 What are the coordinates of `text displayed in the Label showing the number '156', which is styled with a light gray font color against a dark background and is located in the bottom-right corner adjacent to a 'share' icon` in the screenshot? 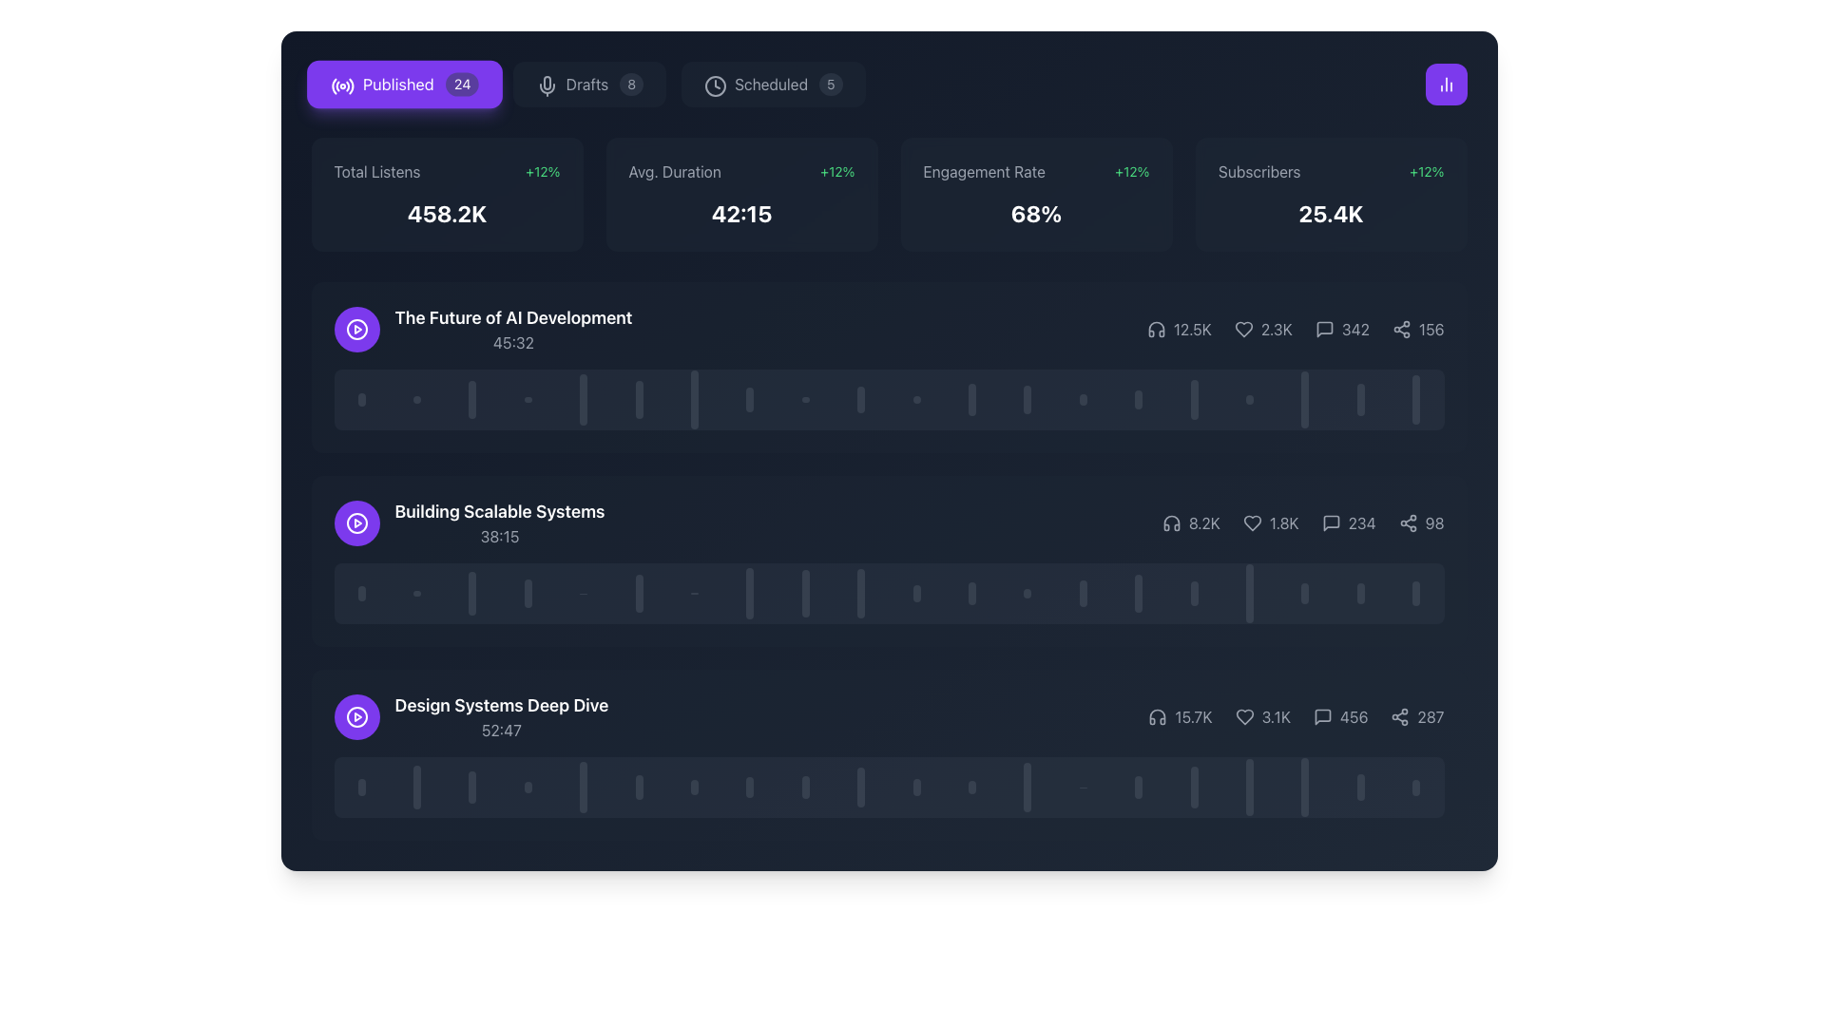 It's located at (1431, 329).